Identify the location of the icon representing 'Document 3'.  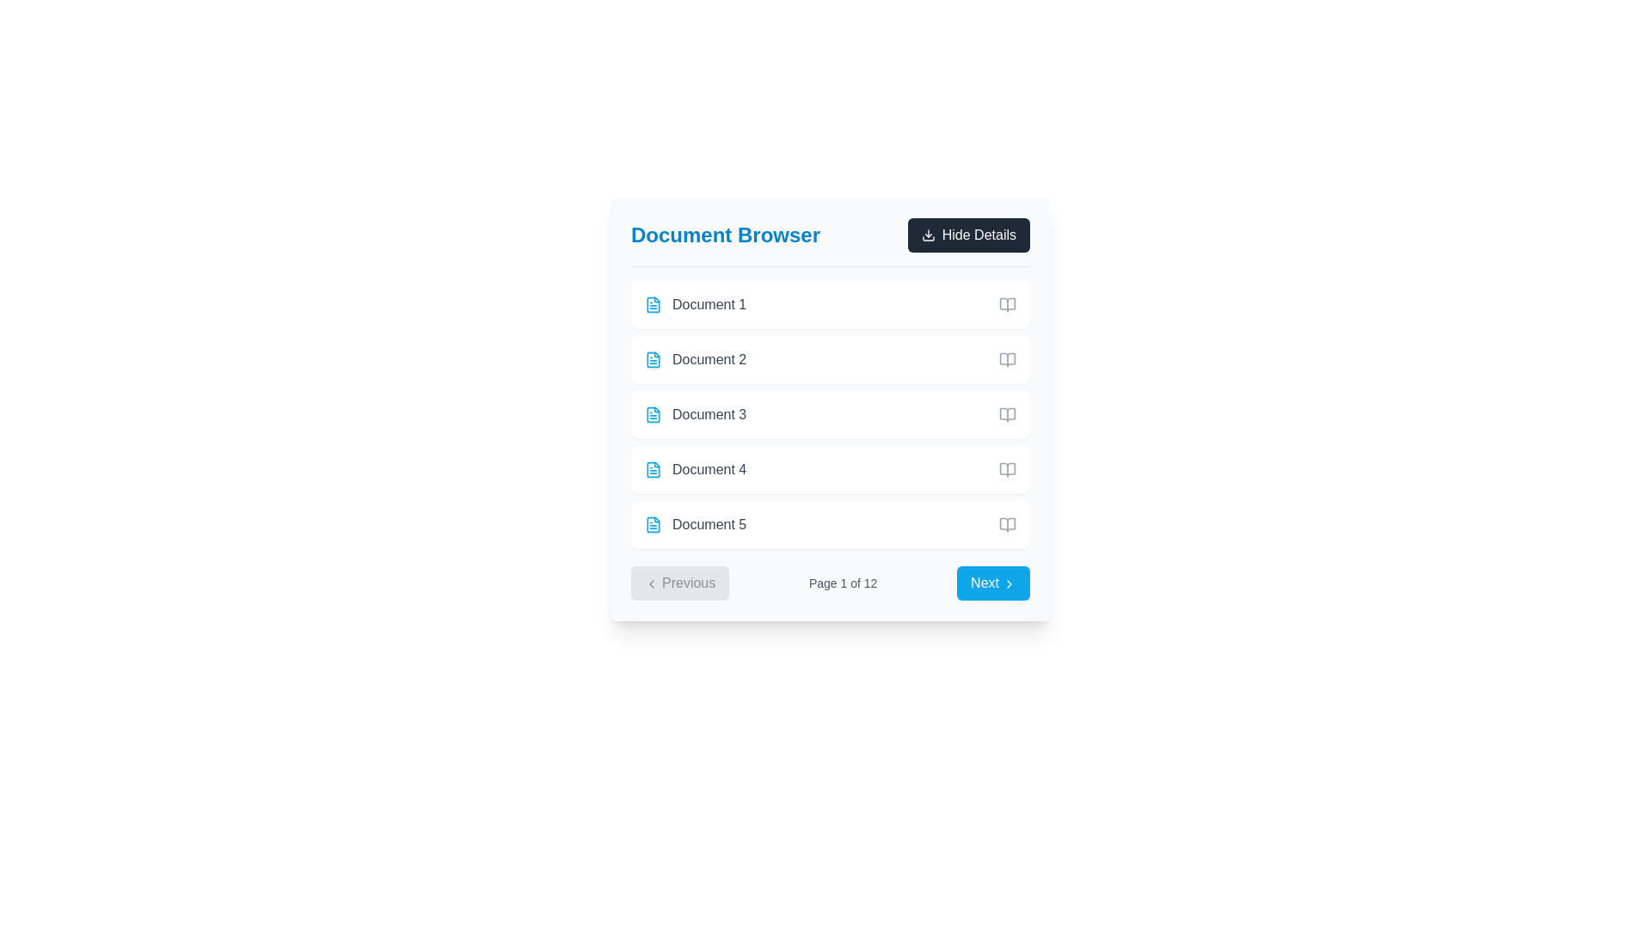
(652, 414).